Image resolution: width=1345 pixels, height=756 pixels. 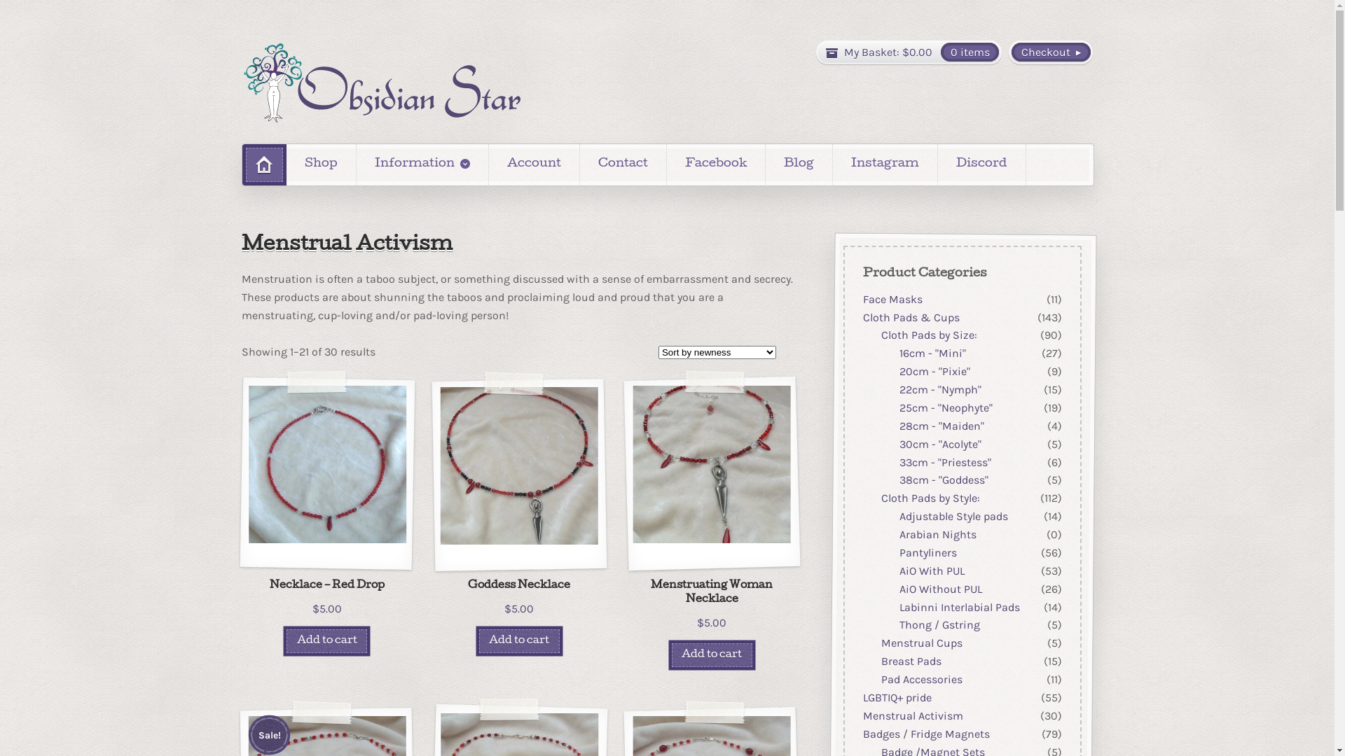 I want to click on 'Blog', so click(x=799, y=164).